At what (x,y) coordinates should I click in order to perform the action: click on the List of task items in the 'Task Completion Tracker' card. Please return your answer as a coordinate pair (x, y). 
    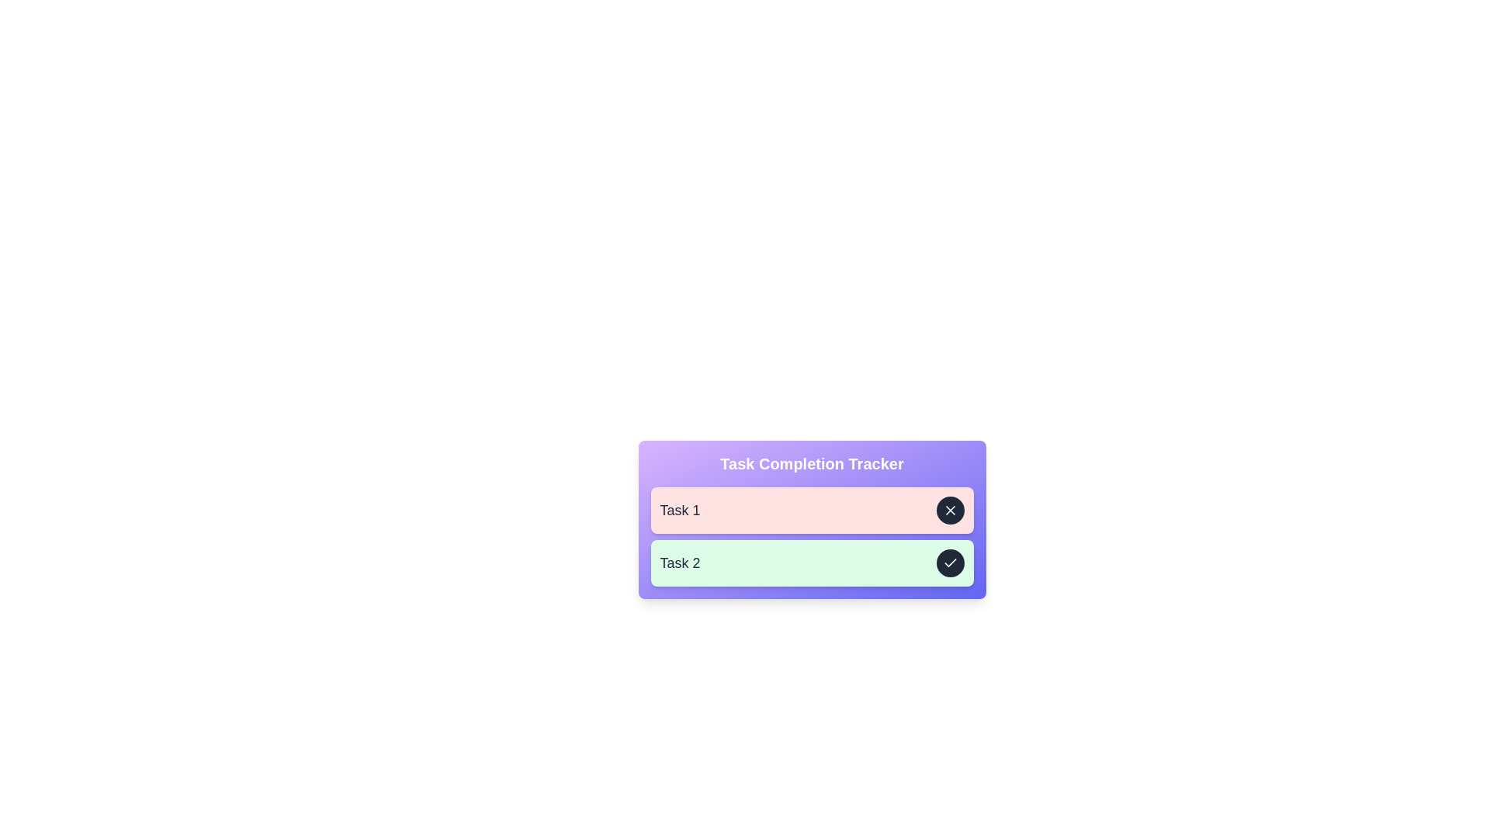
    Looking at the image, I should click on (811, 535).